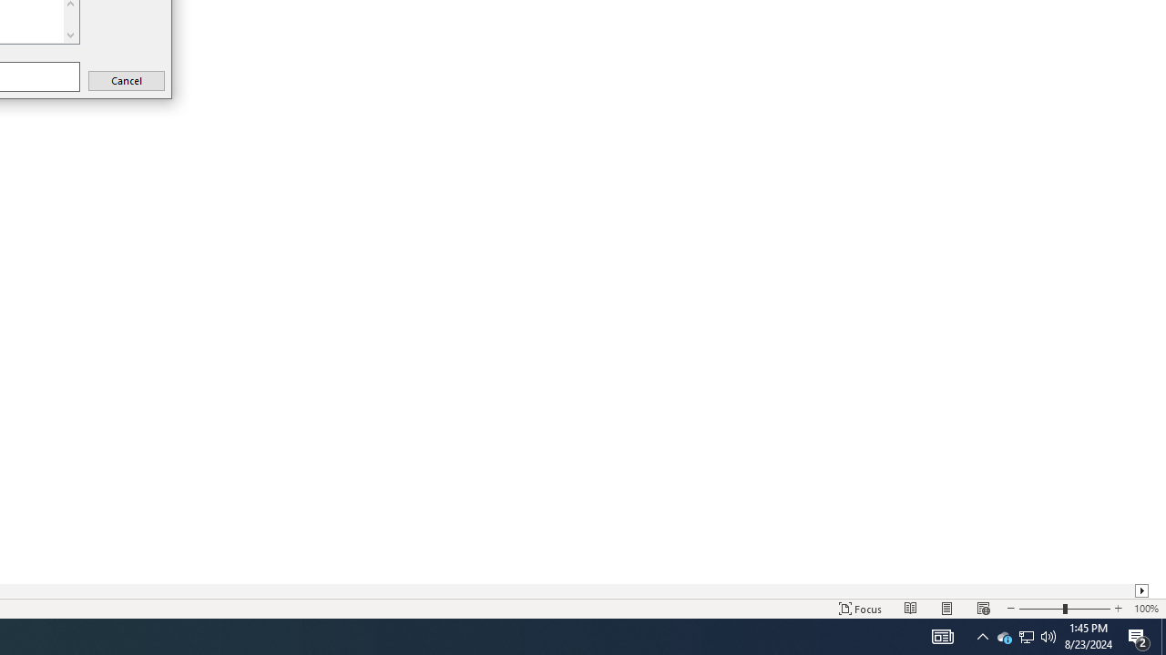 This screenshot has height=655, width=1166. What do you see at coordinates (1141, 590) in the screenshot?
I see `'Column right'` at bounding box center [1141, 590].